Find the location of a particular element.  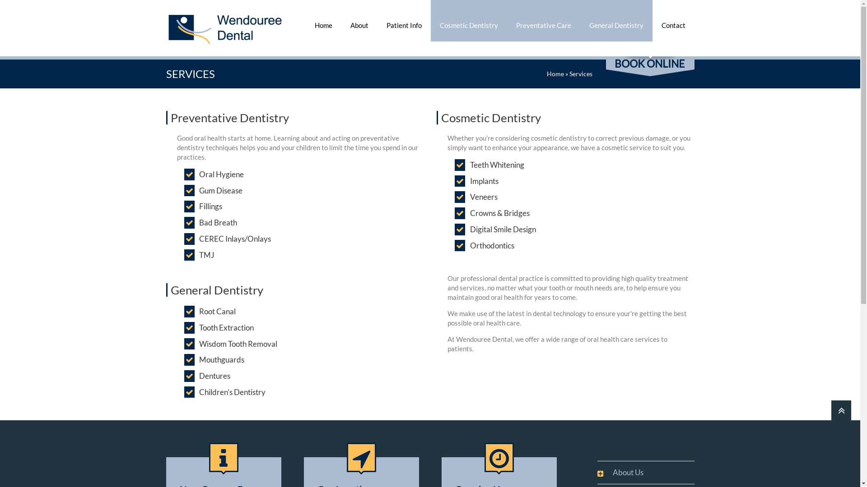

'Gum Disease' is located at coordinates (199, 190).